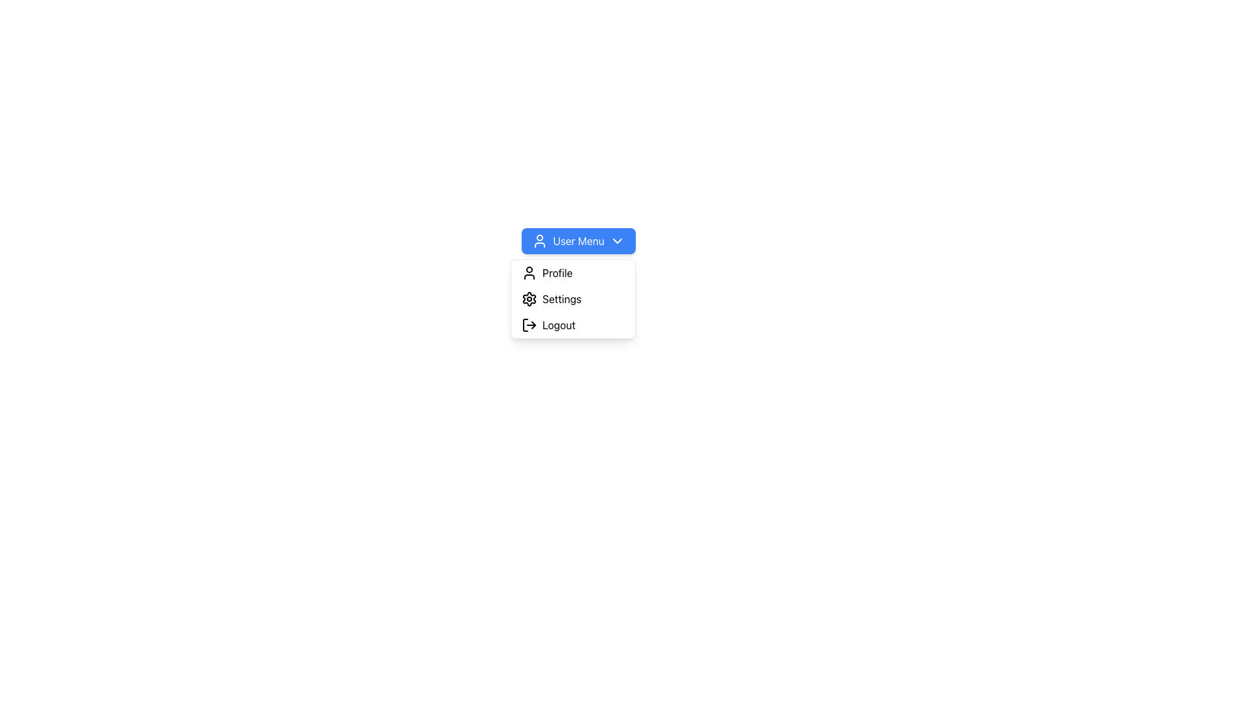 This screenshot has width=1252, height=704. I want to click on the 'Settings' option in the dropdown menu located directly below the 'User Menu' button, which contains options 'Profile', 'Settings', and 'Logout', so click(573, 299).